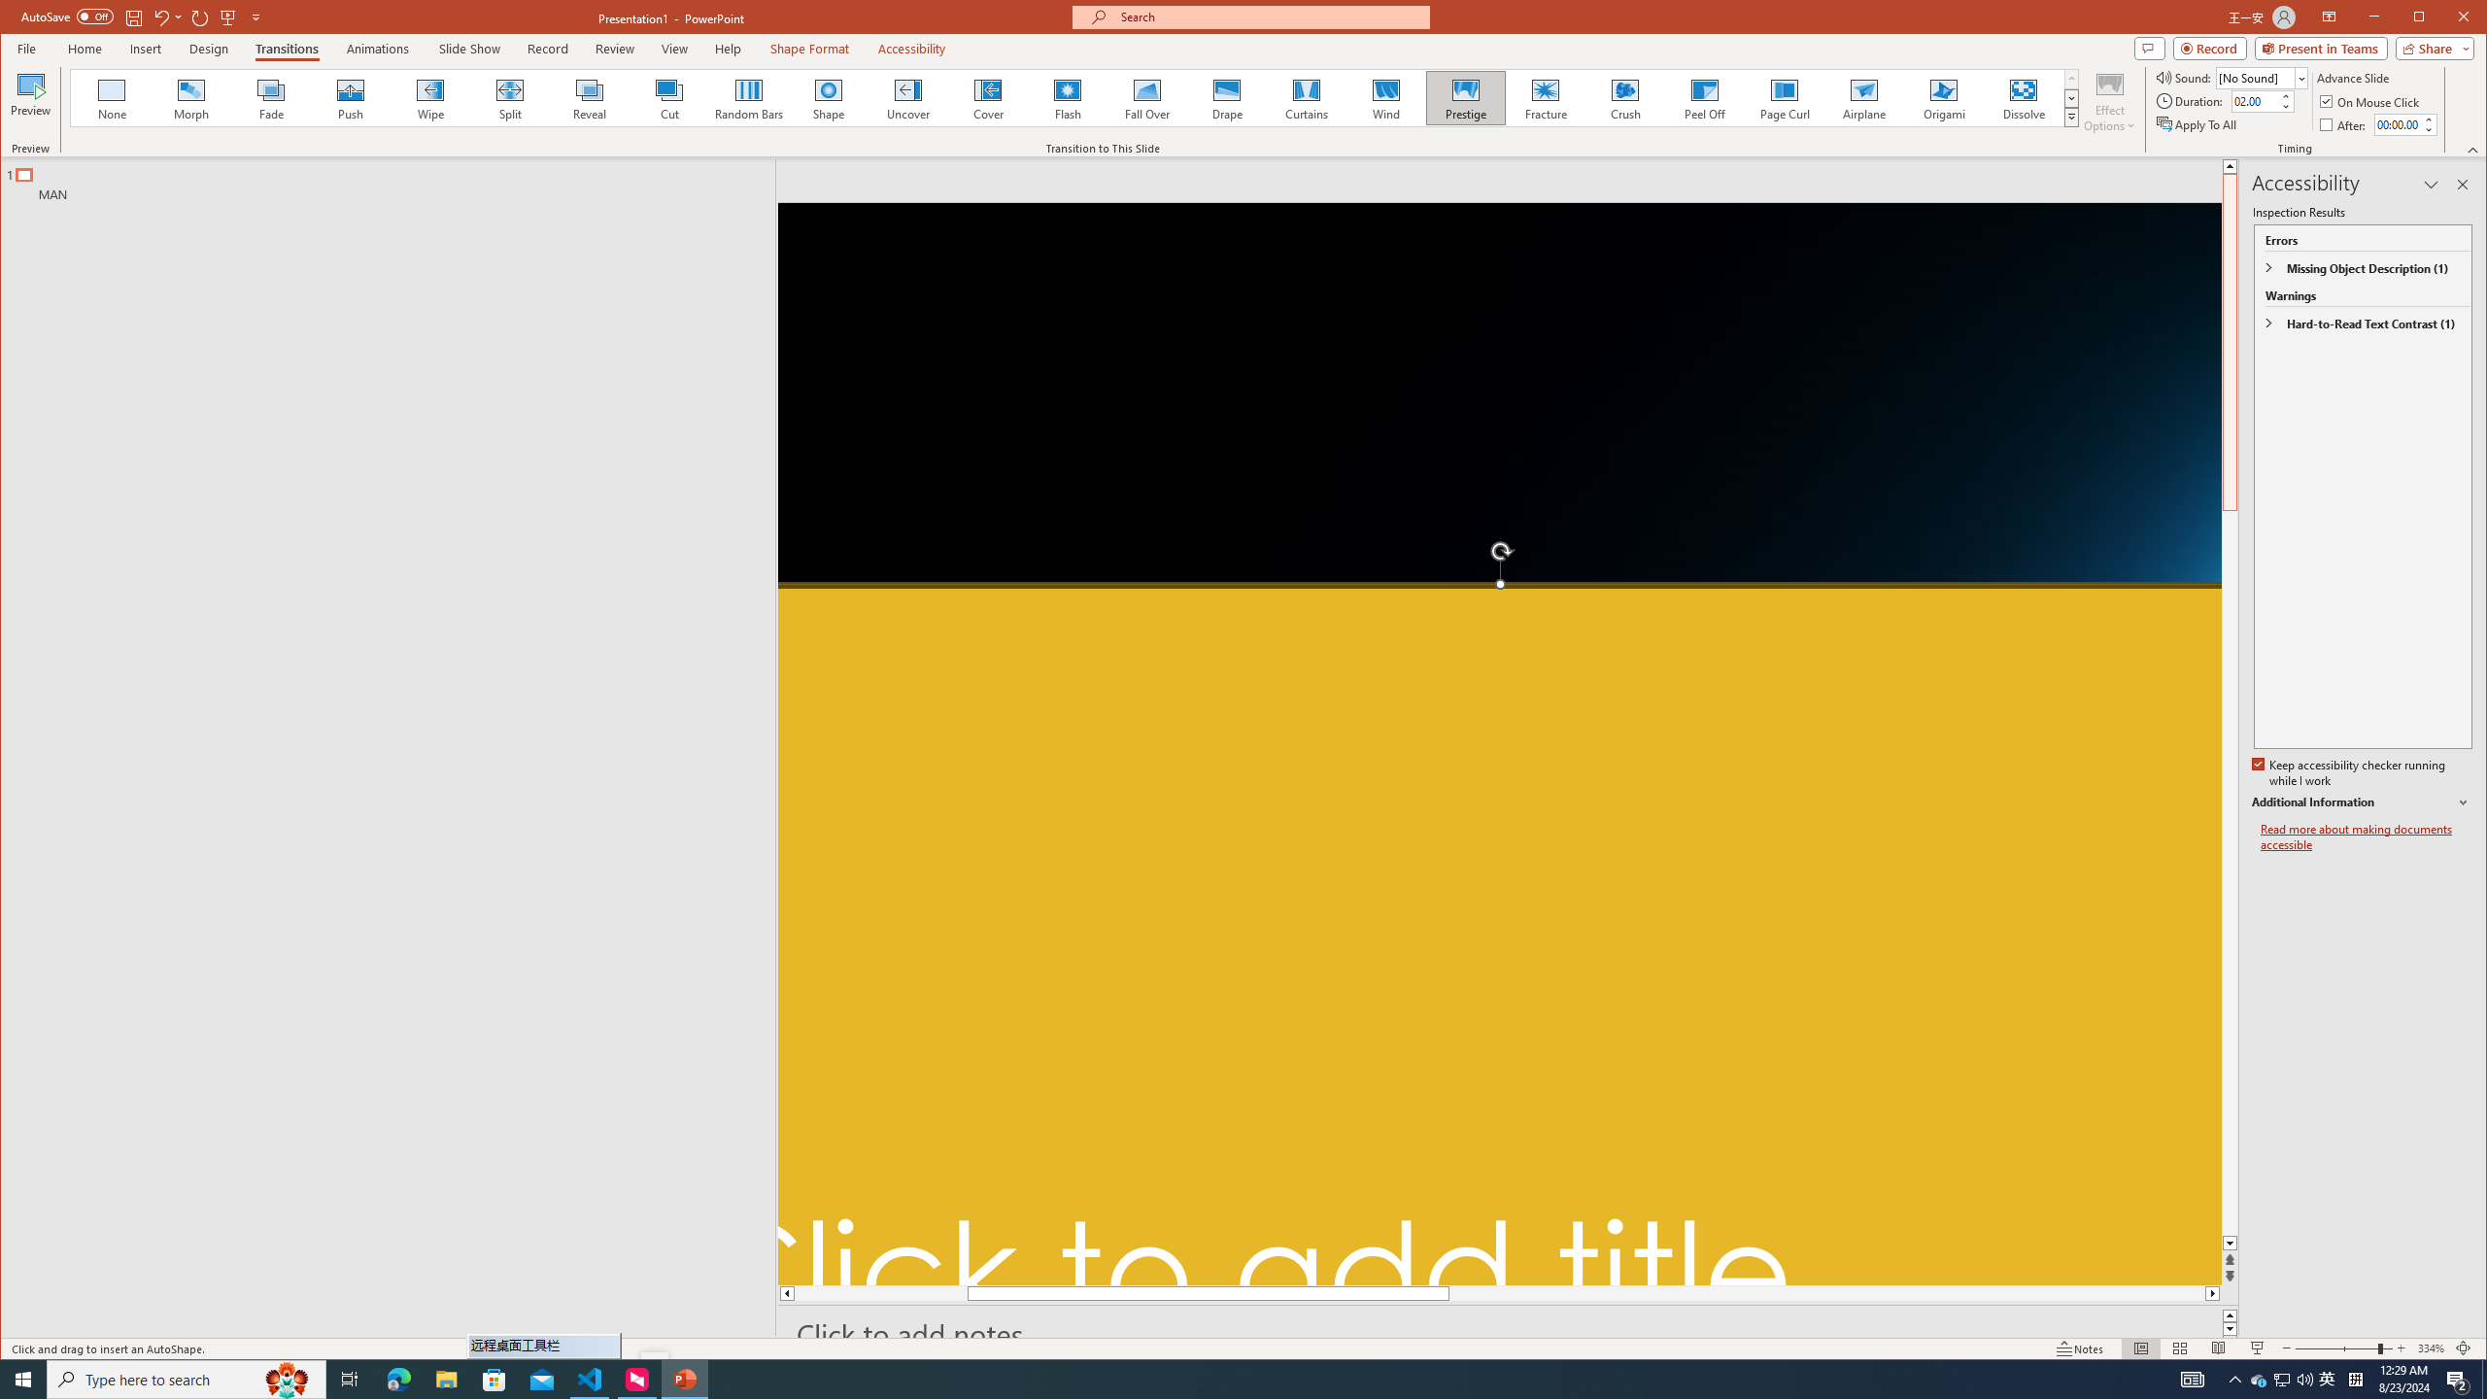  What do you see at coordinates (2474, 149) in the screenshot?
I see `'Collapse the Ribbon'` at bounding box center [2474, 149].